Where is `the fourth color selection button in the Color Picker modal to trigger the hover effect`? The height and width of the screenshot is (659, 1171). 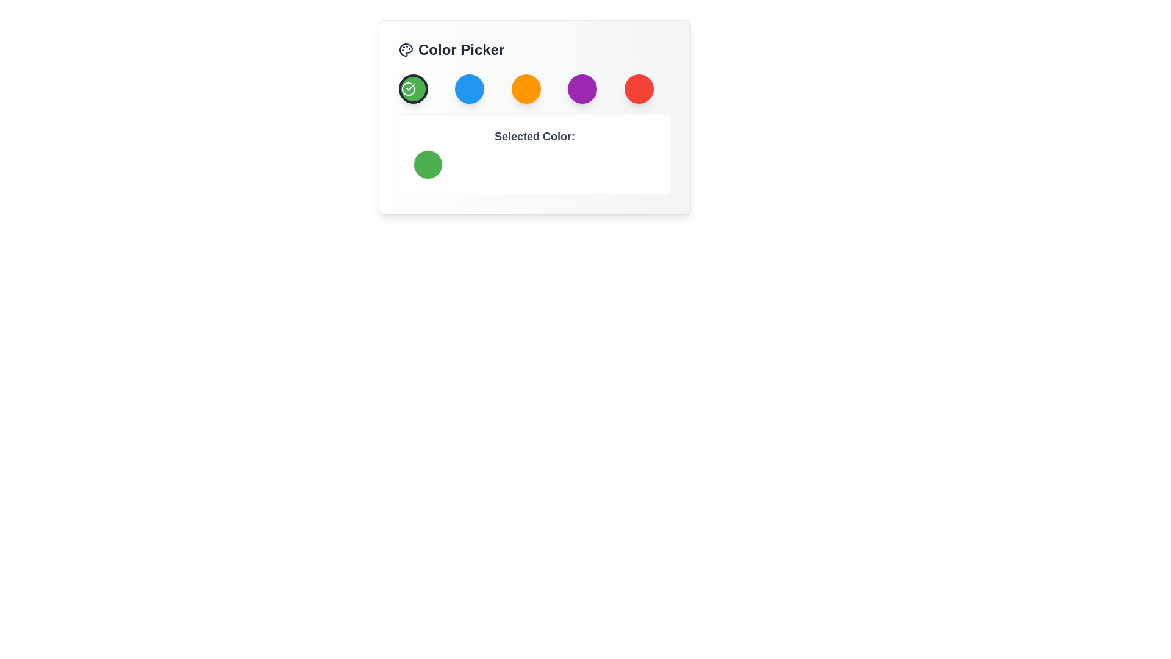 the fourth color selection button in the Color Picker modal to trigger the hover effect is located at coordinates (582, 88).